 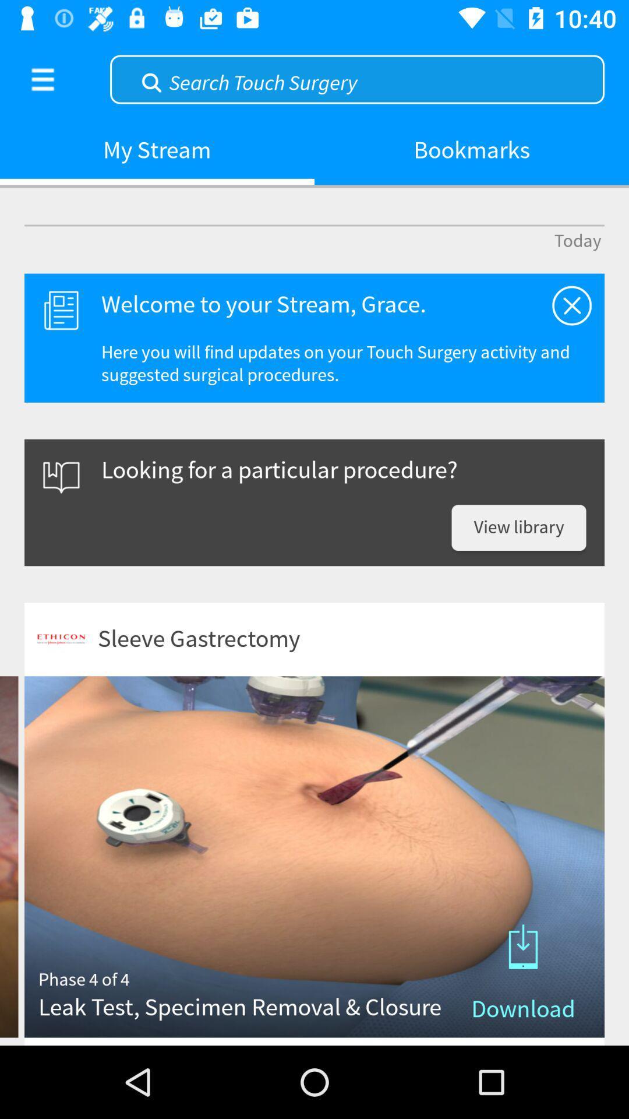 What do you see at coordinates (571, 305) in the screenshot?
I see `item next to the welcome to your` at bounding box center [571, 305].